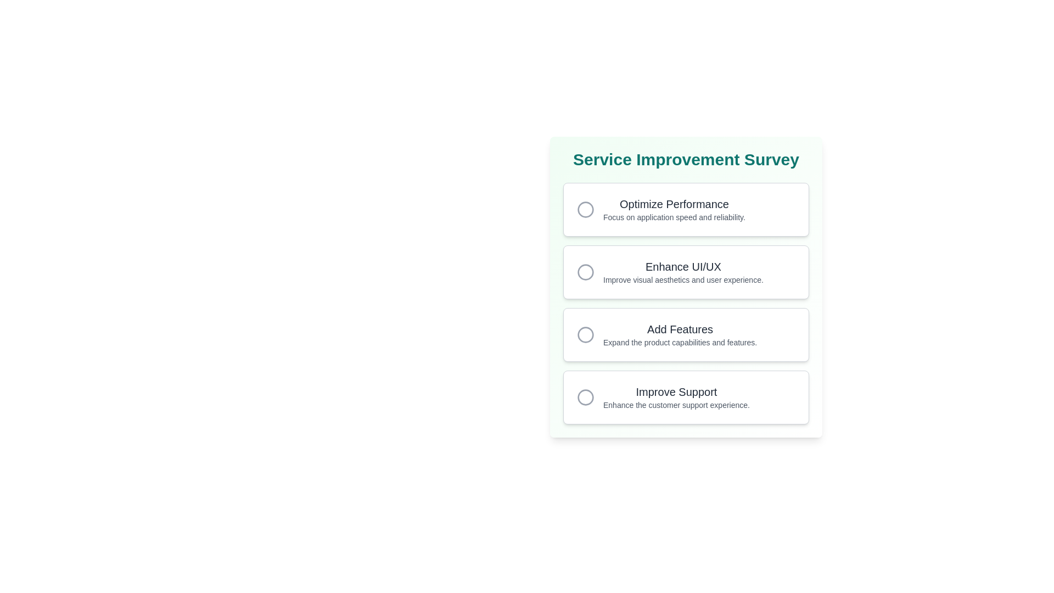  What do you see at coordinates (680, 329) in the screenshot?
I see `title text element located in the third section of the survey list, positioned above the description text 'Expand the product capabilities and features.'` at bounding box center [680, 329].